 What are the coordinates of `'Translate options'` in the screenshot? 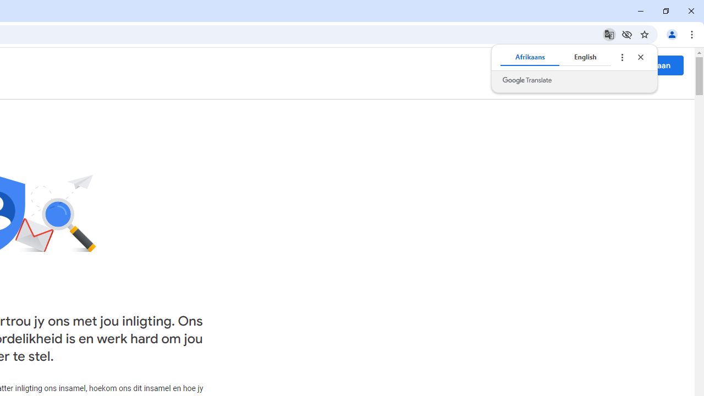 It's located at (621, 57).